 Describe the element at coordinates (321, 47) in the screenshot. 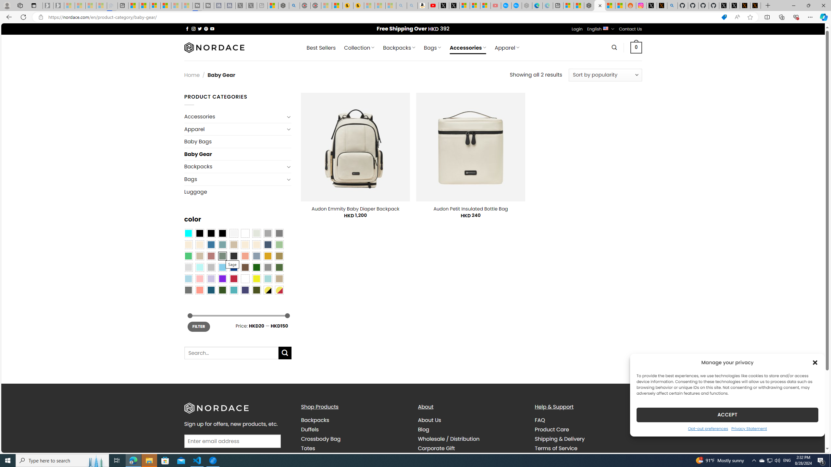

I see `' Best Sellers'` at that location.